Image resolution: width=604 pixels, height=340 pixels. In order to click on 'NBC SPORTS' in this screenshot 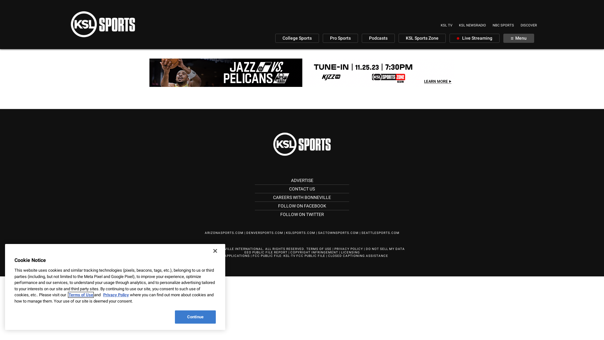, I will do `click(503, 25)`.